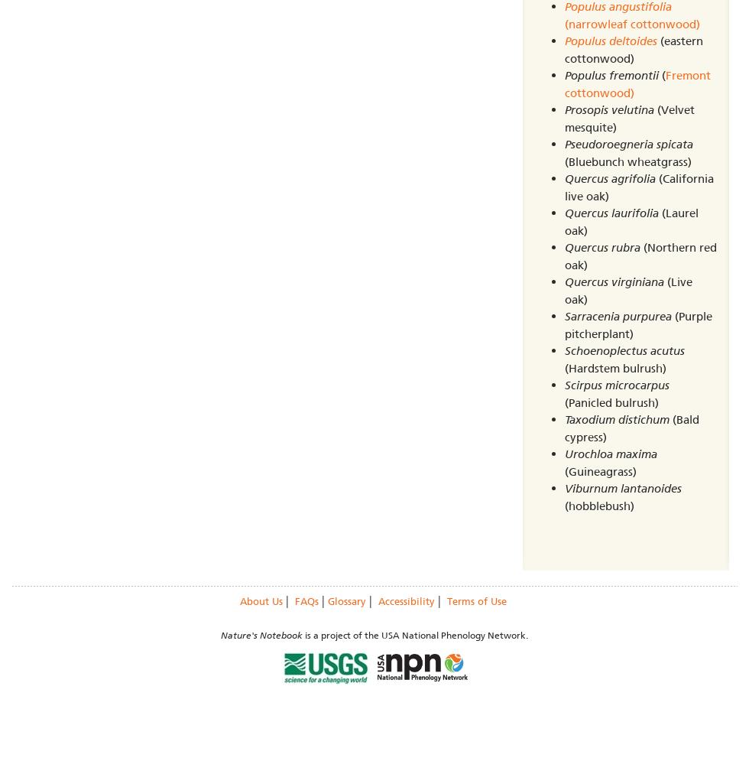 This screenshot has width=749, height=761. Describe the element at coordinates (611, 401) in the screenshot. I see `'(Panicled bulrush)'` at that location.